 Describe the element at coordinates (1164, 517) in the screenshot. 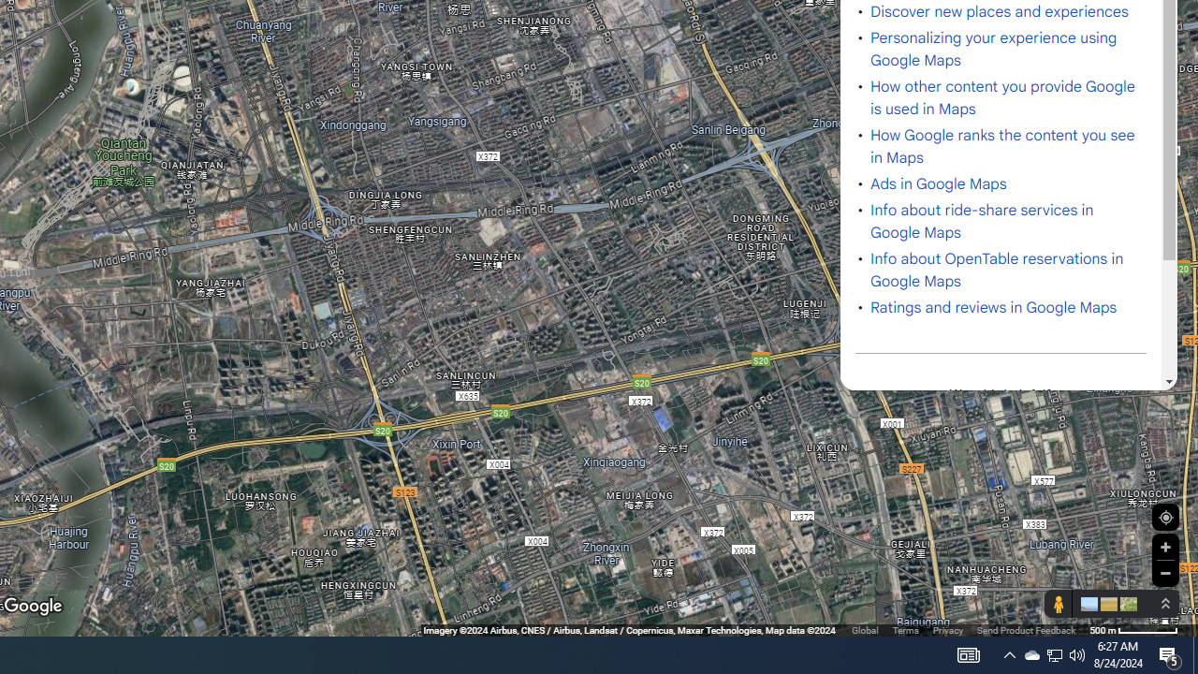

I see `'Show Your Location'` at that location.